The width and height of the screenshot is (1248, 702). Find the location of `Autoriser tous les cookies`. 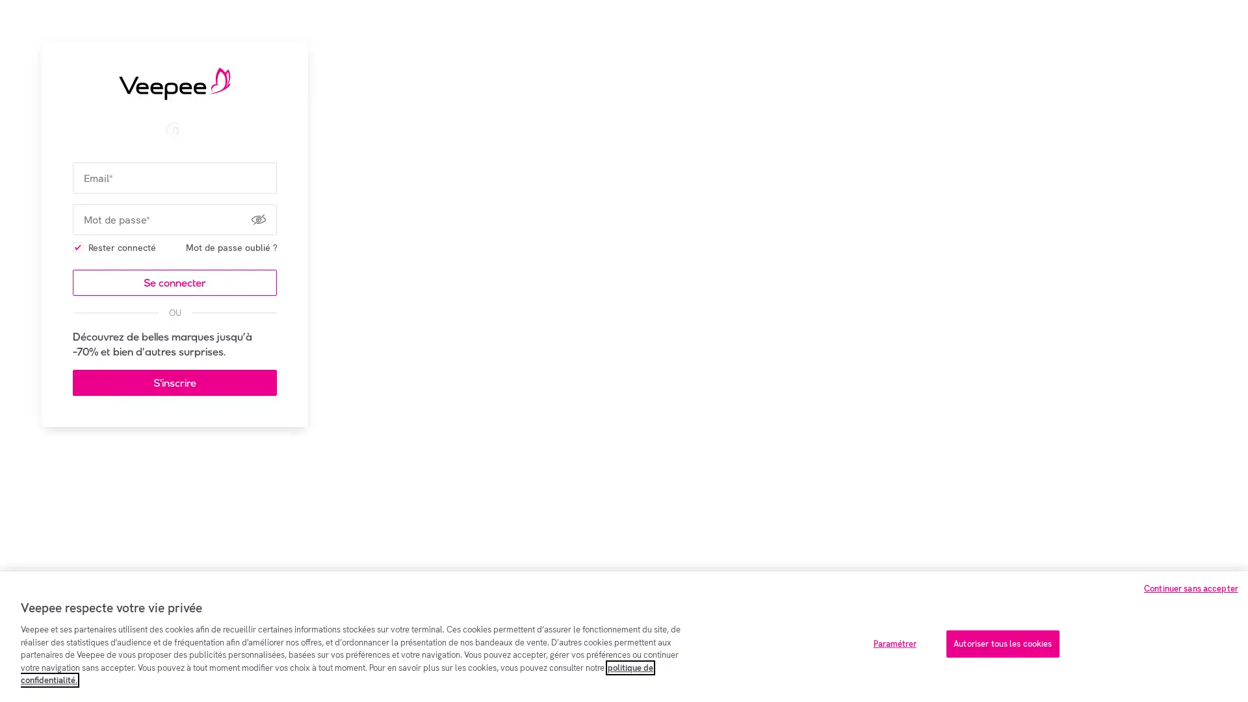

Autoriser tous les cookies is located at coordinates (1002, 643).